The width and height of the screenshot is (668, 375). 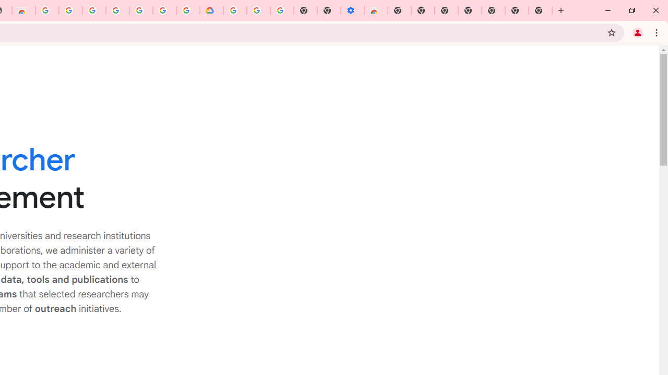 I want to click on 'Google Account Help', so click(x=258, y=10).